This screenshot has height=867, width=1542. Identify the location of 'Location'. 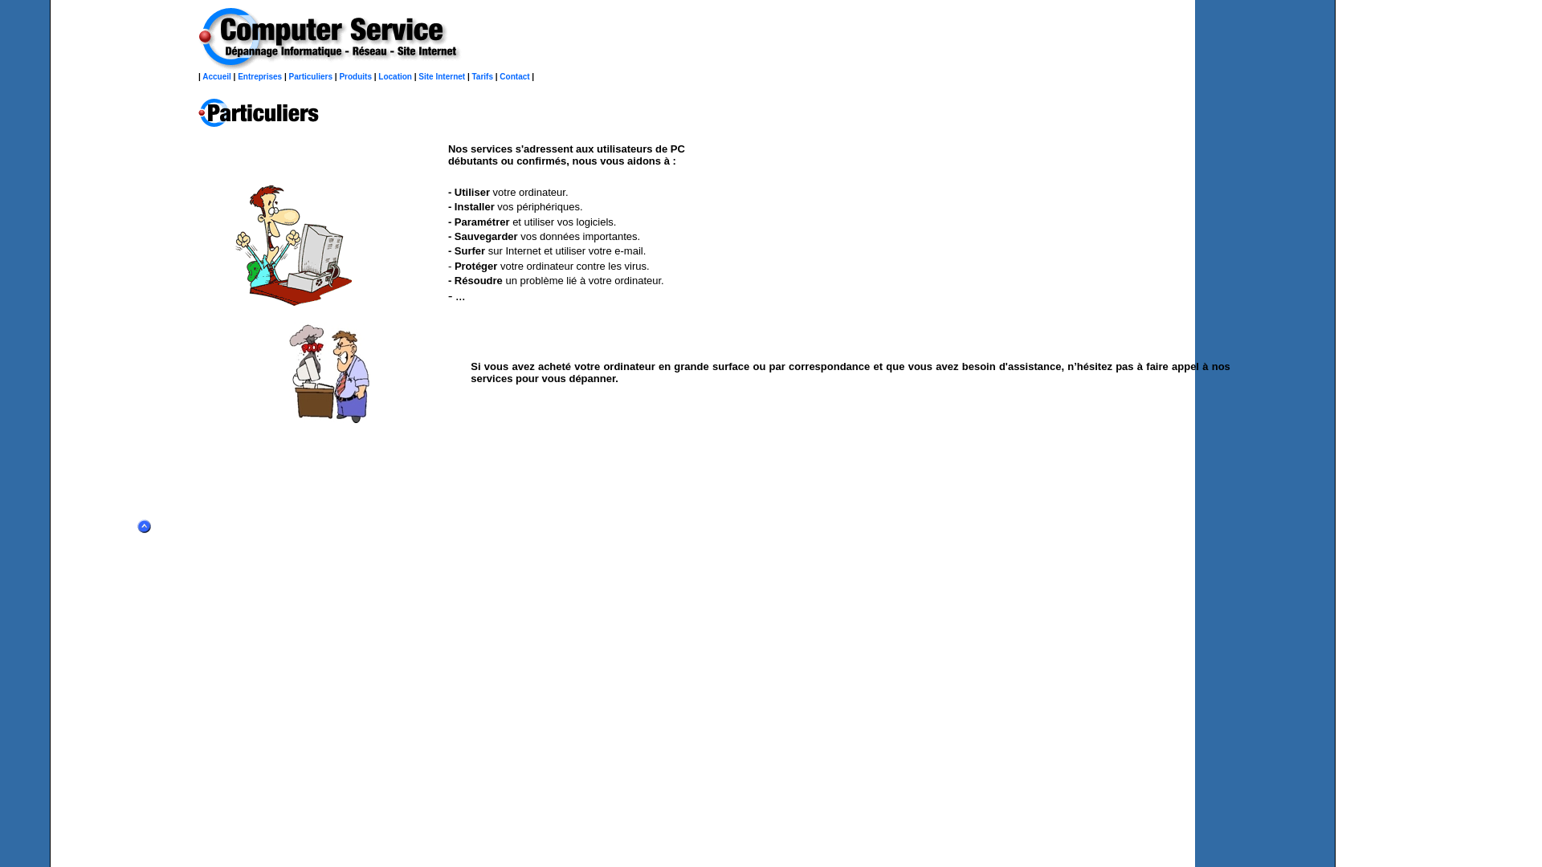
(394, 76).